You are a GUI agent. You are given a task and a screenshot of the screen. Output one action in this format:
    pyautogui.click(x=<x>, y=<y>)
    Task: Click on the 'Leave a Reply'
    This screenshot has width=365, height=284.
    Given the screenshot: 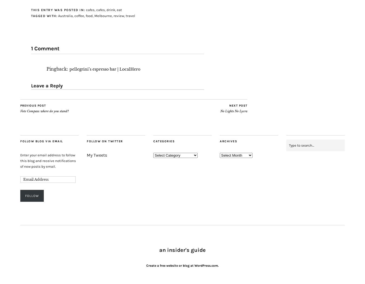 What is the action you would take?
    pyautogui.click(x=47, y=85)
    